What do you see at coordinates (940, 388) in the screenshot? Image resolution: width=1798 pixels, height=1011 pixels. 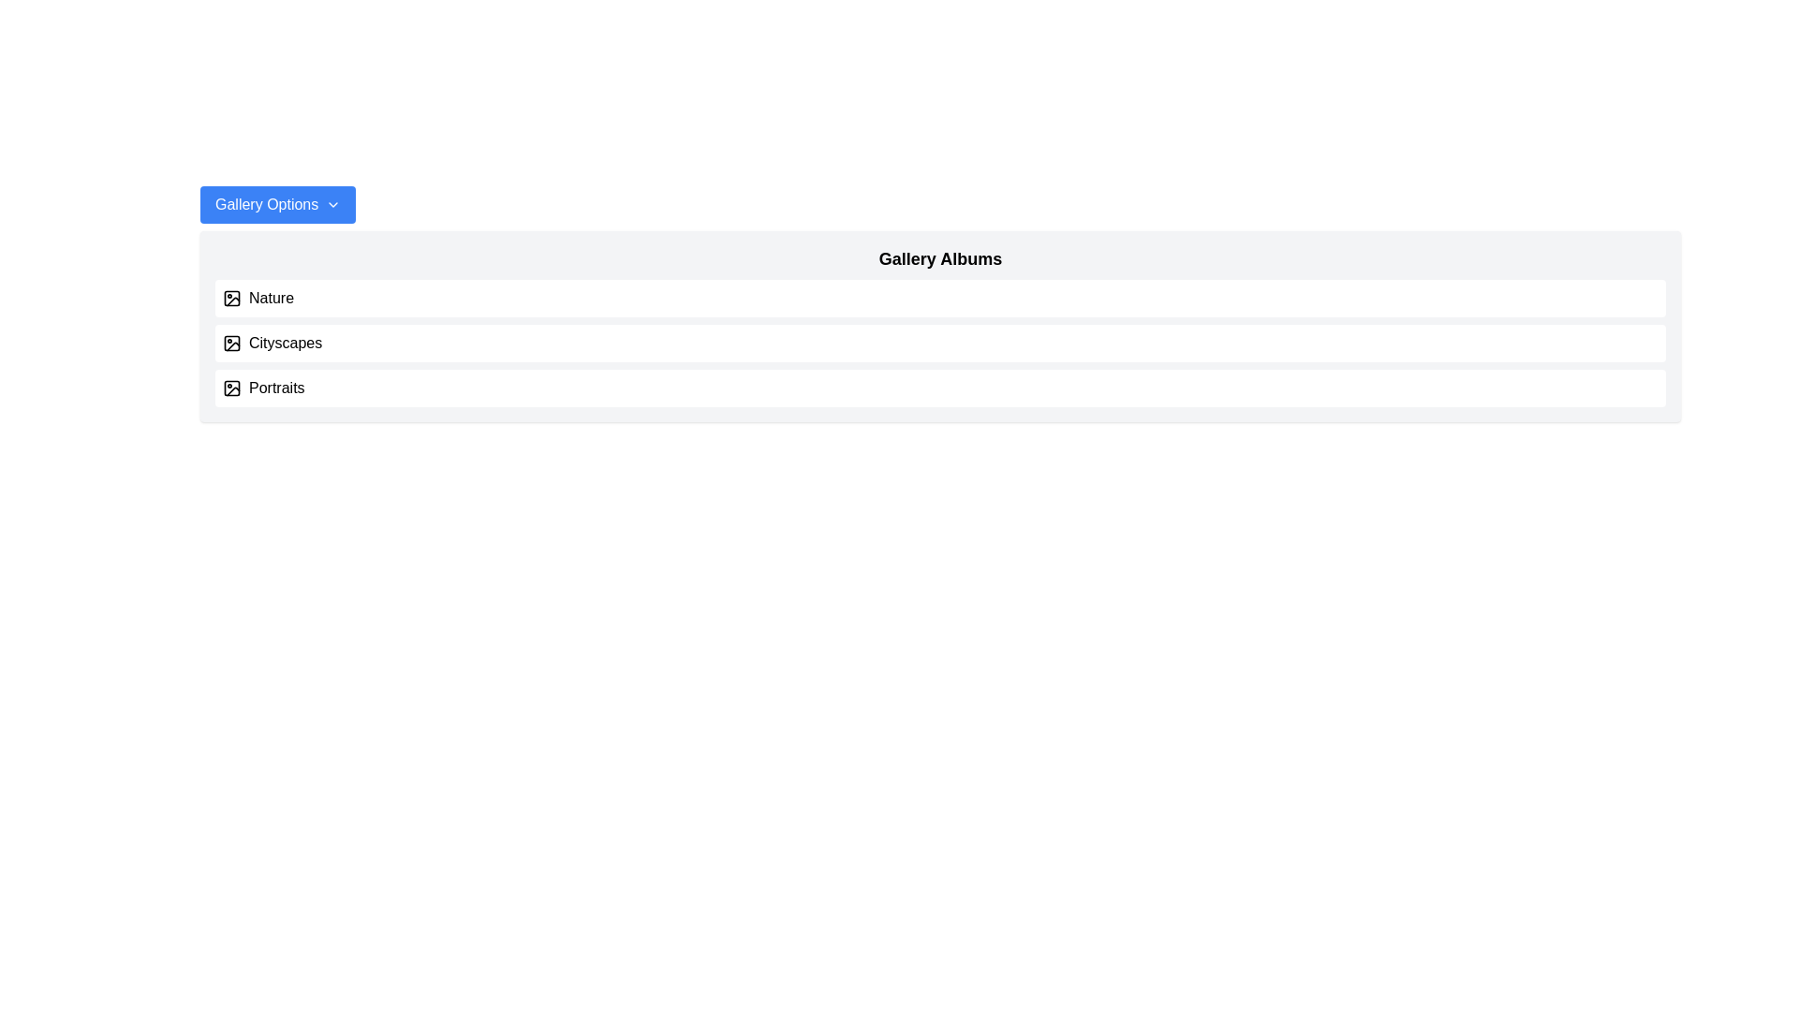 I see `the list item labeled 'Portraits' to see its hover effect` at bounding box center [940, 388].